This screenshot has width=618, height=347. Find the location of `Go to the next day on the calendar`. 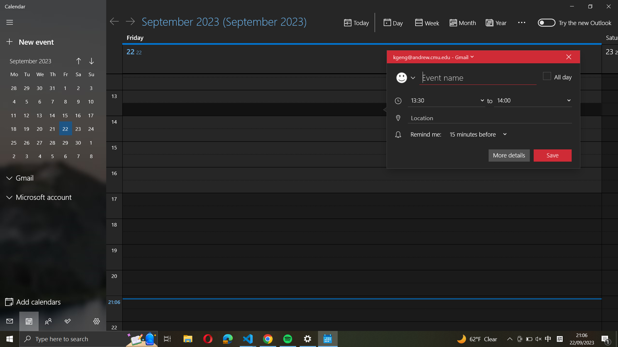

Go to the next day on the calendar is located at coordinates (130, 21).